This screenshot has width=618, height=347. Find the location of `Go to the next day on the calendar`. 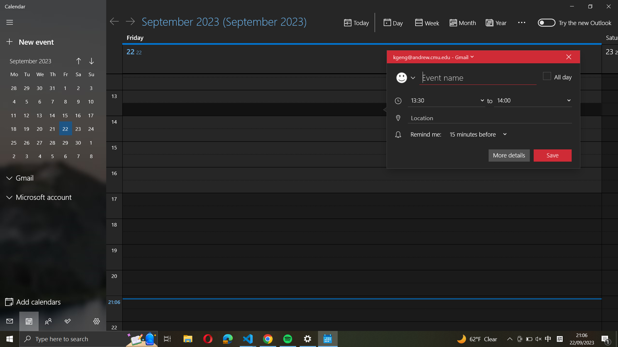

Go to the next day on the calendar is located at coordinates (130, 21).